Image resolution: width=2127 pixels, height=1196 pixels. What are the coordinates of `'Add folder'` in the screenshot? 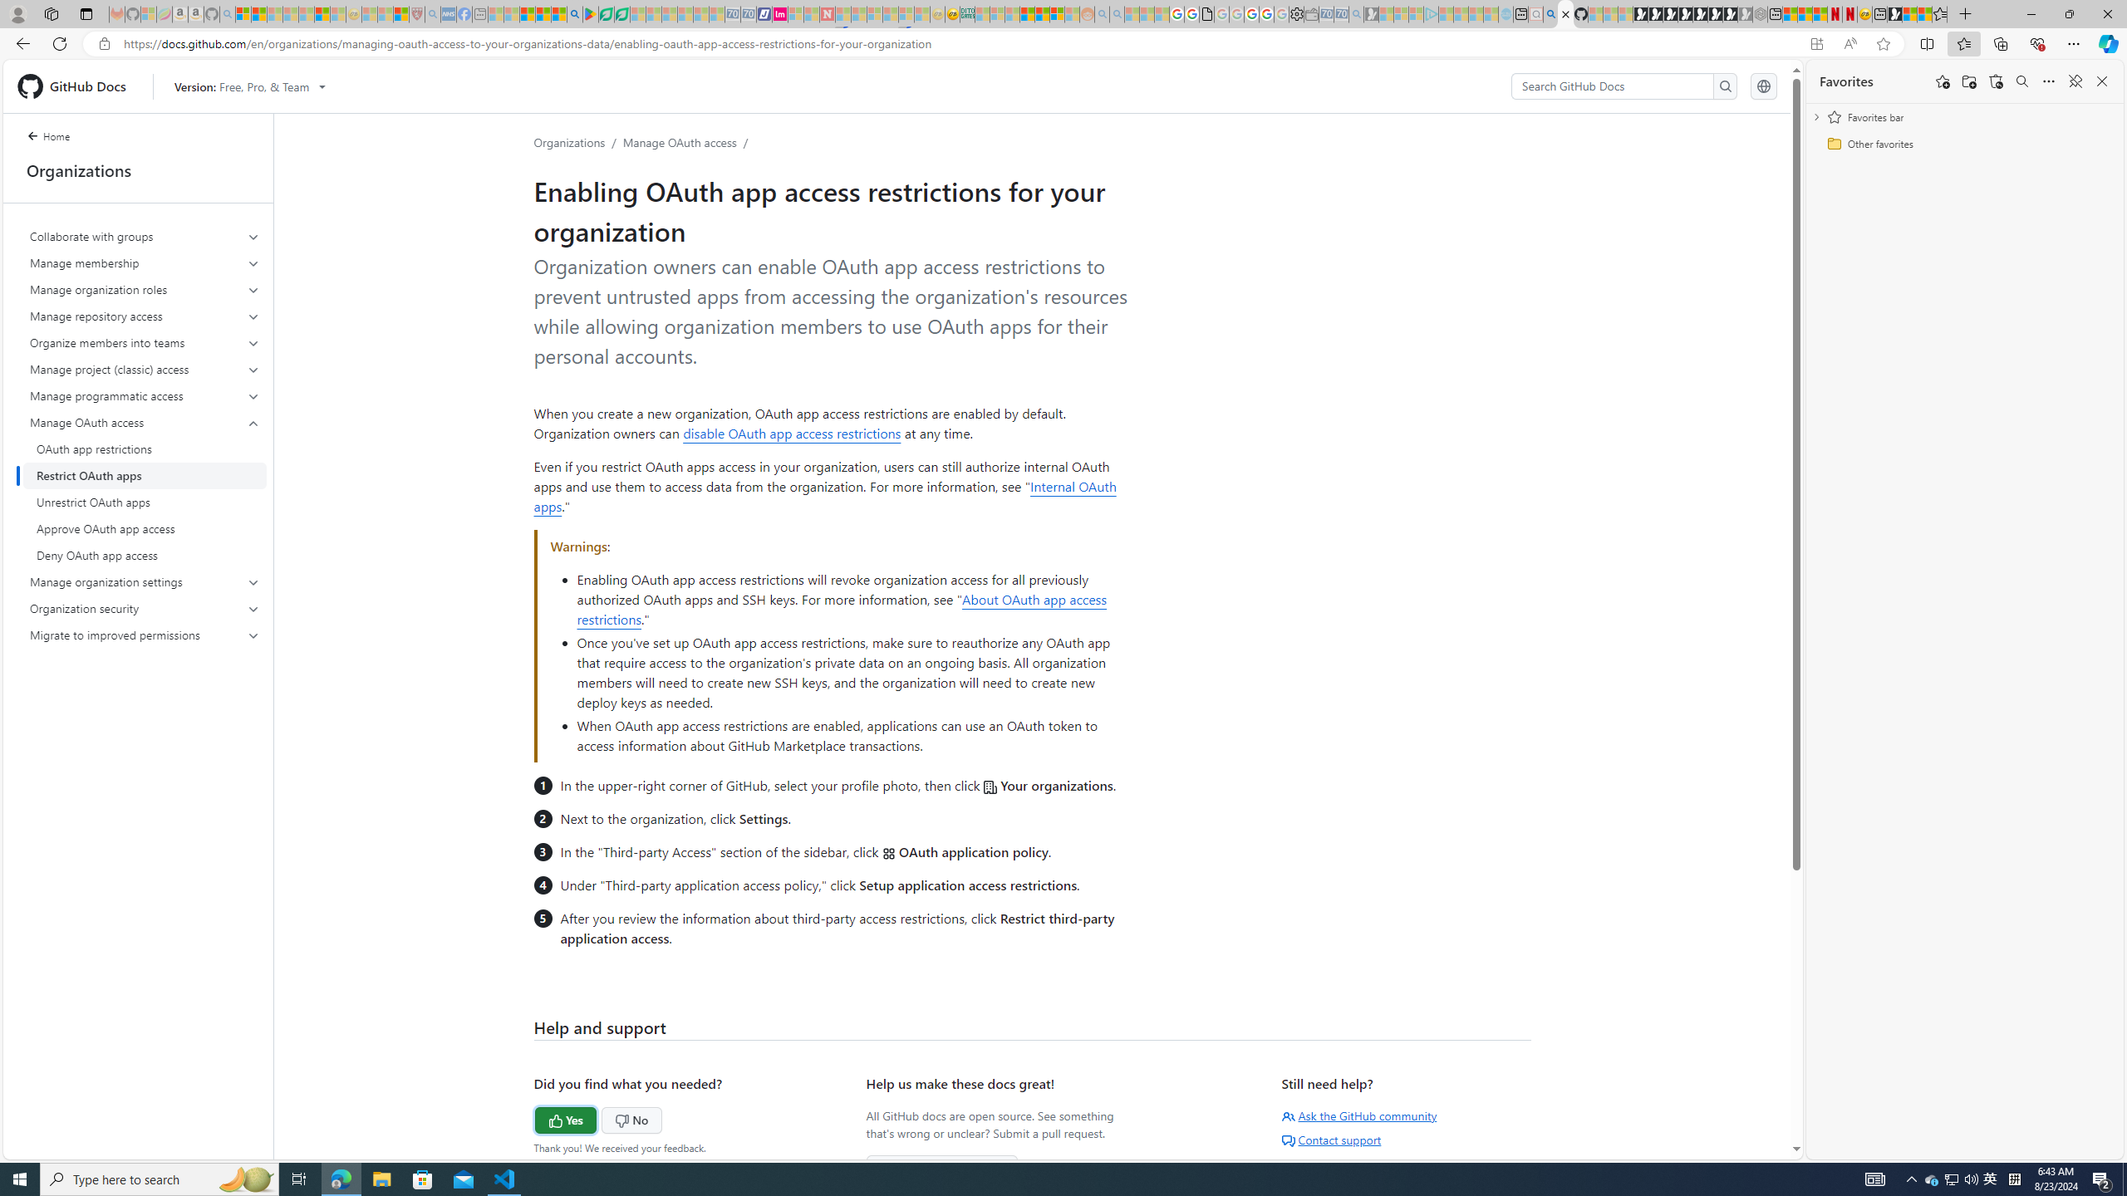 It's located at (1967, 80).